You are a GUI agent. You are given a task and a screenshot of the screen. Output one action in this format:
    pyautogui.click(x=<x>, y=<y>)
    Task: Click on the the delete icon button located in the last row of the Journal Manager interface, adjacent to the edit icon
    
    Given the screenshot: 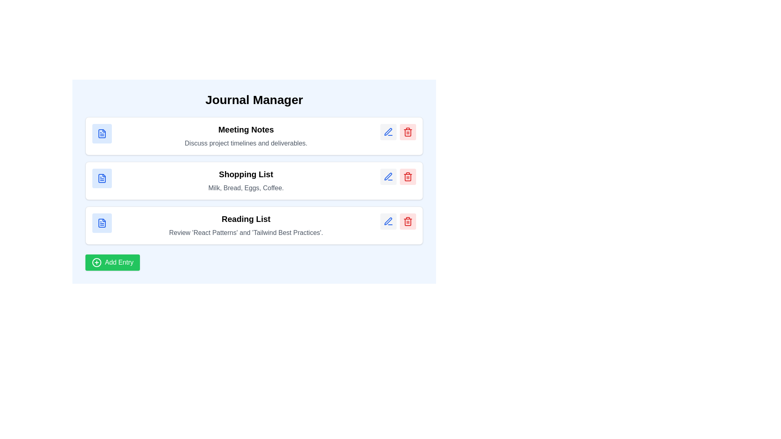 What is the action you would take?
    pyautogui.click(x=408, y=176)
    